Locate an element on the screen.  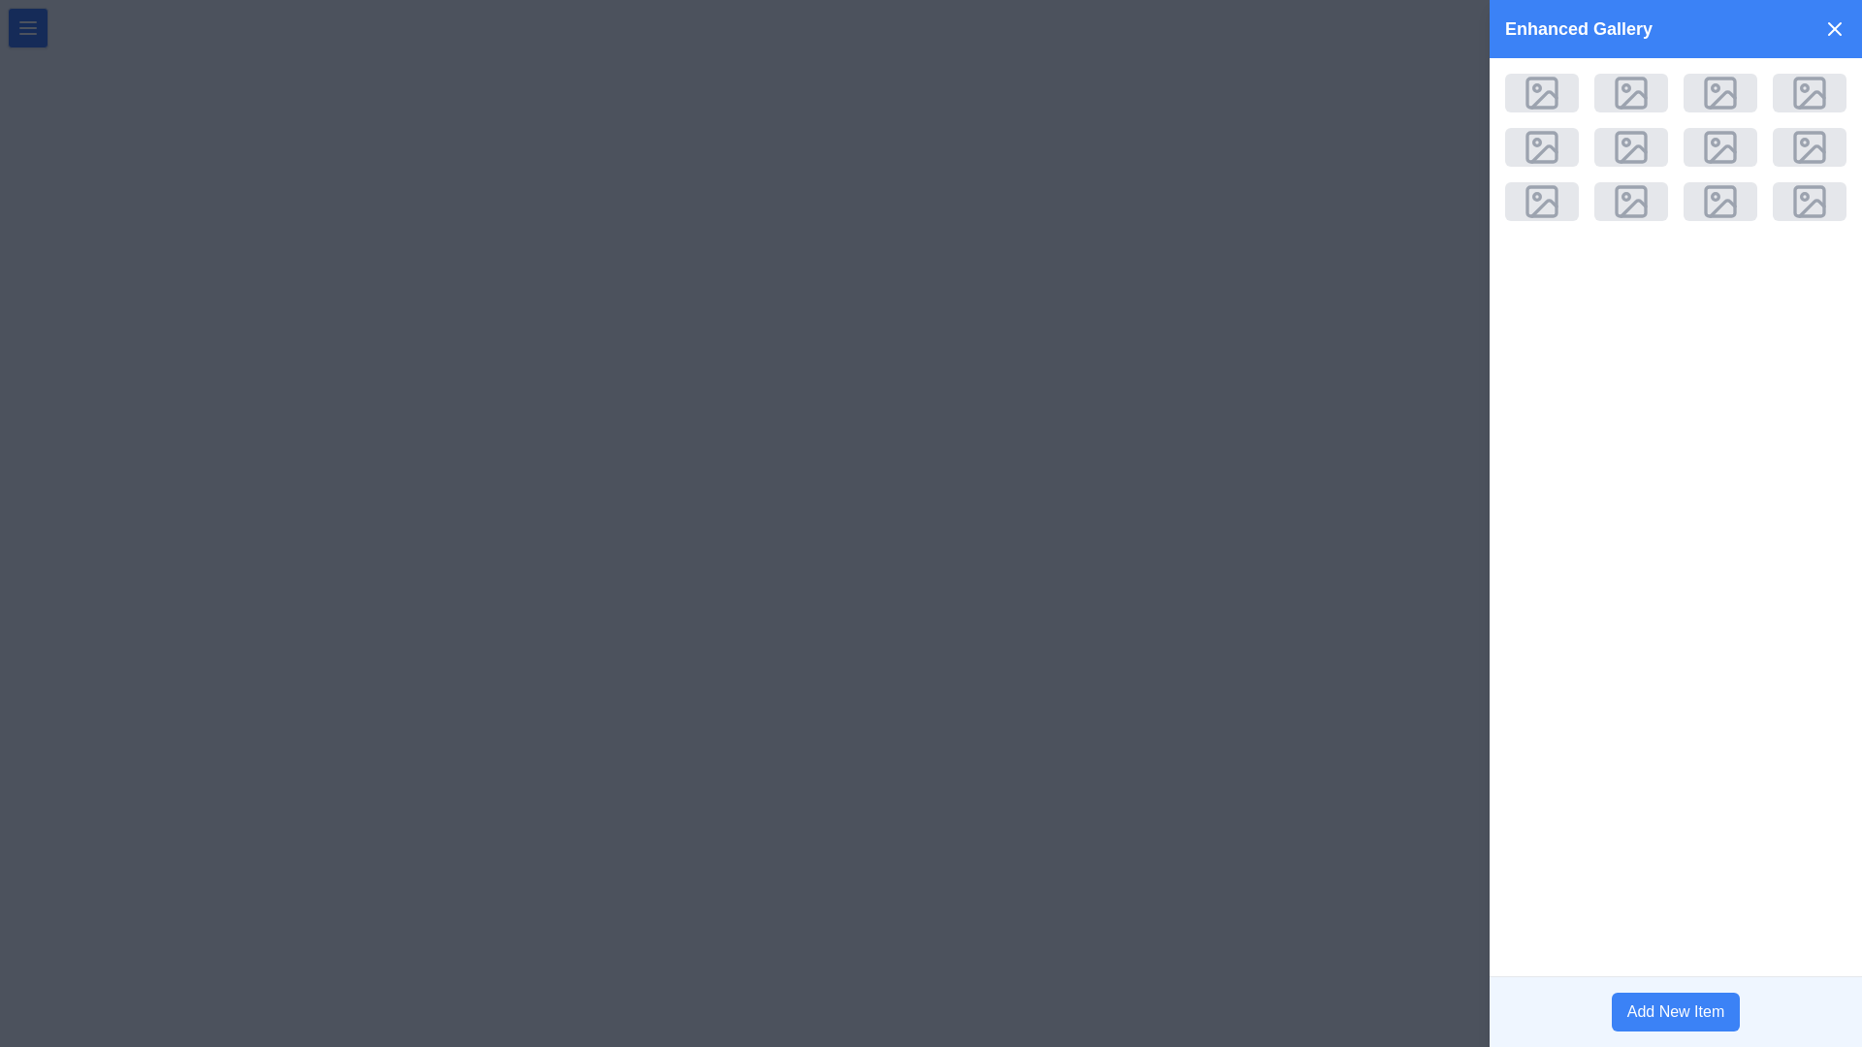
the image icon located in the second row and third column of the 'Enhanced Gallery' interface, which serves as a placeholder for an image is located at coordinates (1629, 145).